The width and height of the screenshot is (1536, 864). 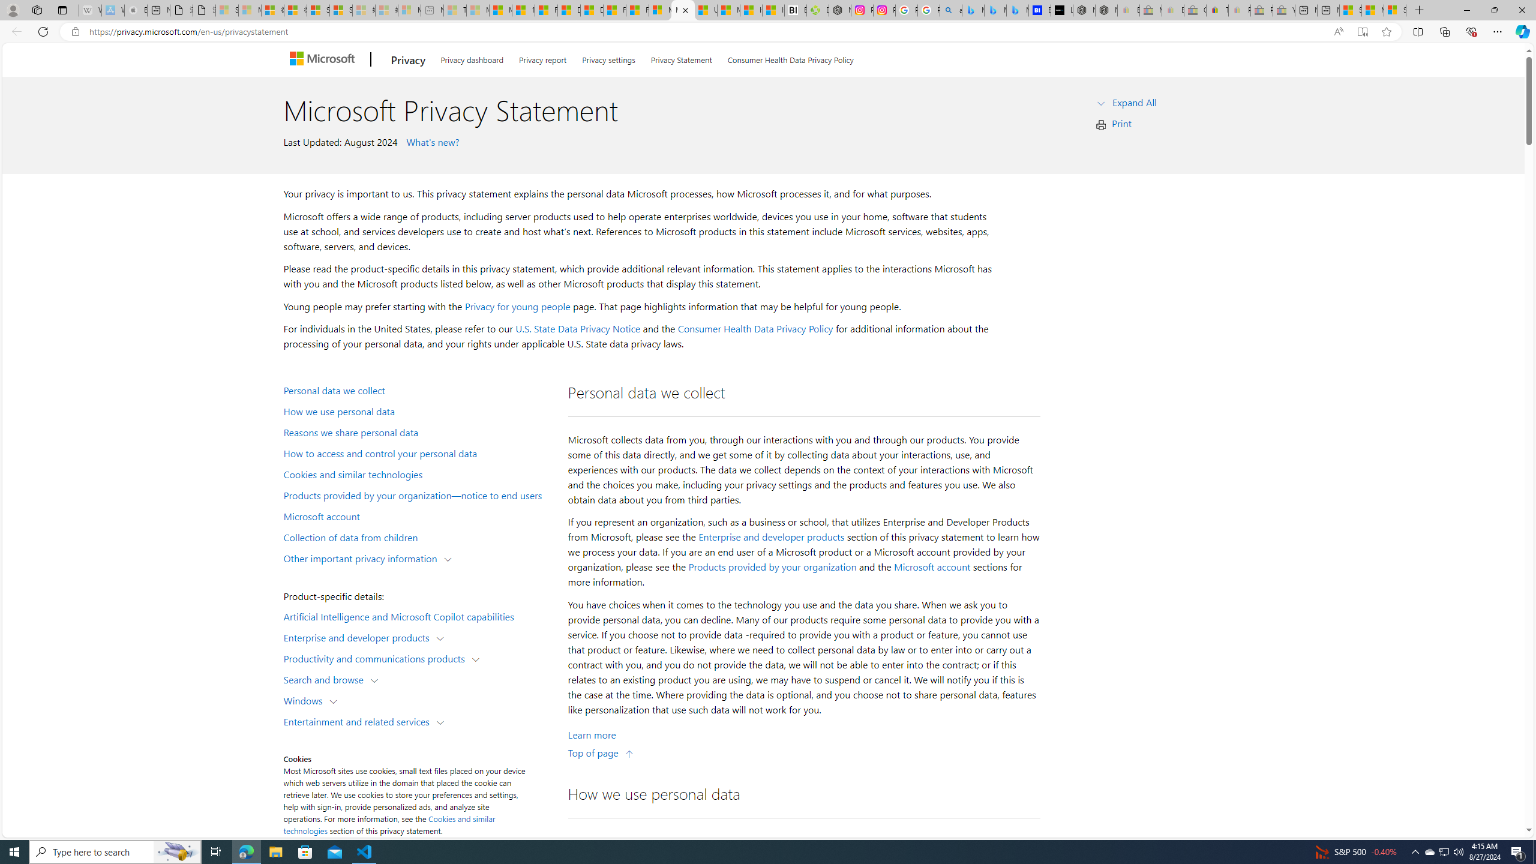 I want to click on 'Personal data we collect', so click(x=418, y=389).